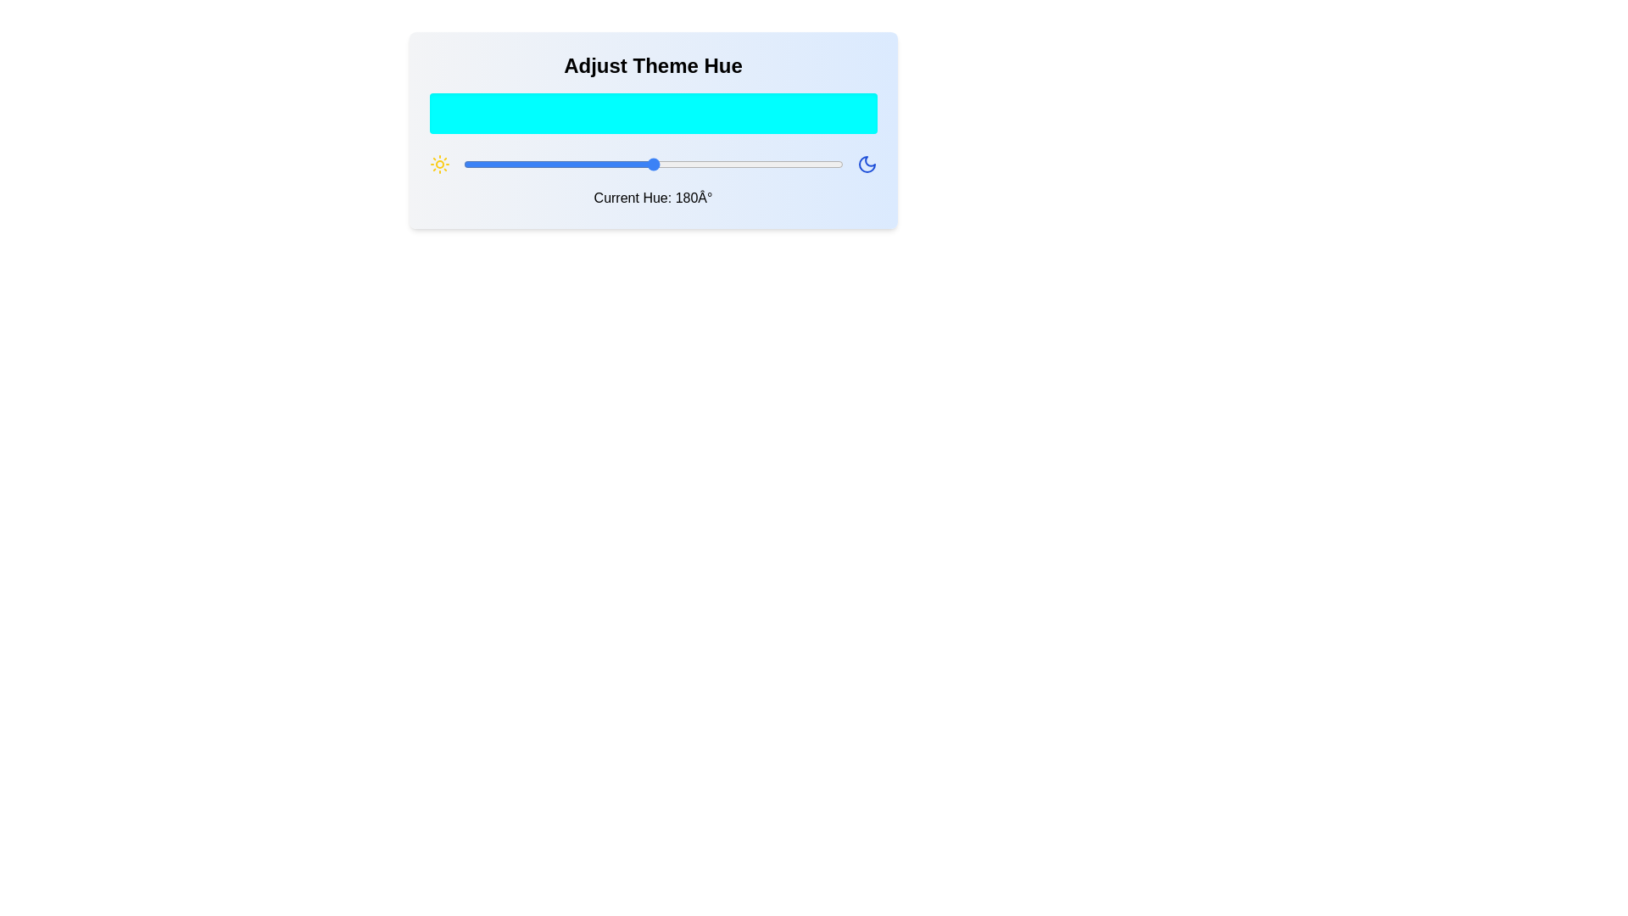 The image size is (1628, 916). Describe the element at coordinates (540, 164) in the screenshot. I see `the hue slider to set the hue to 74 degrees` at that location.